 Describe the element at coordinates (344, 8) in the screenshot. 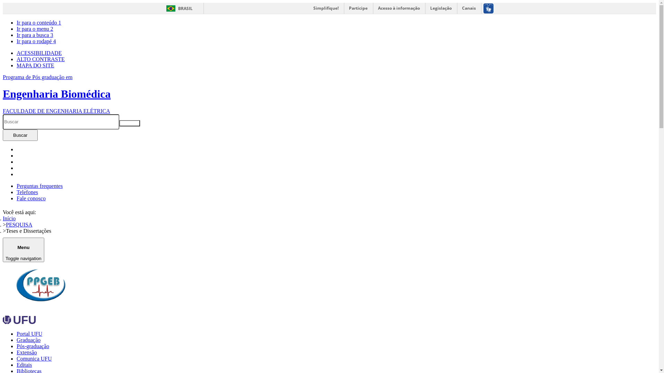

I see `'Participe'` at that location.